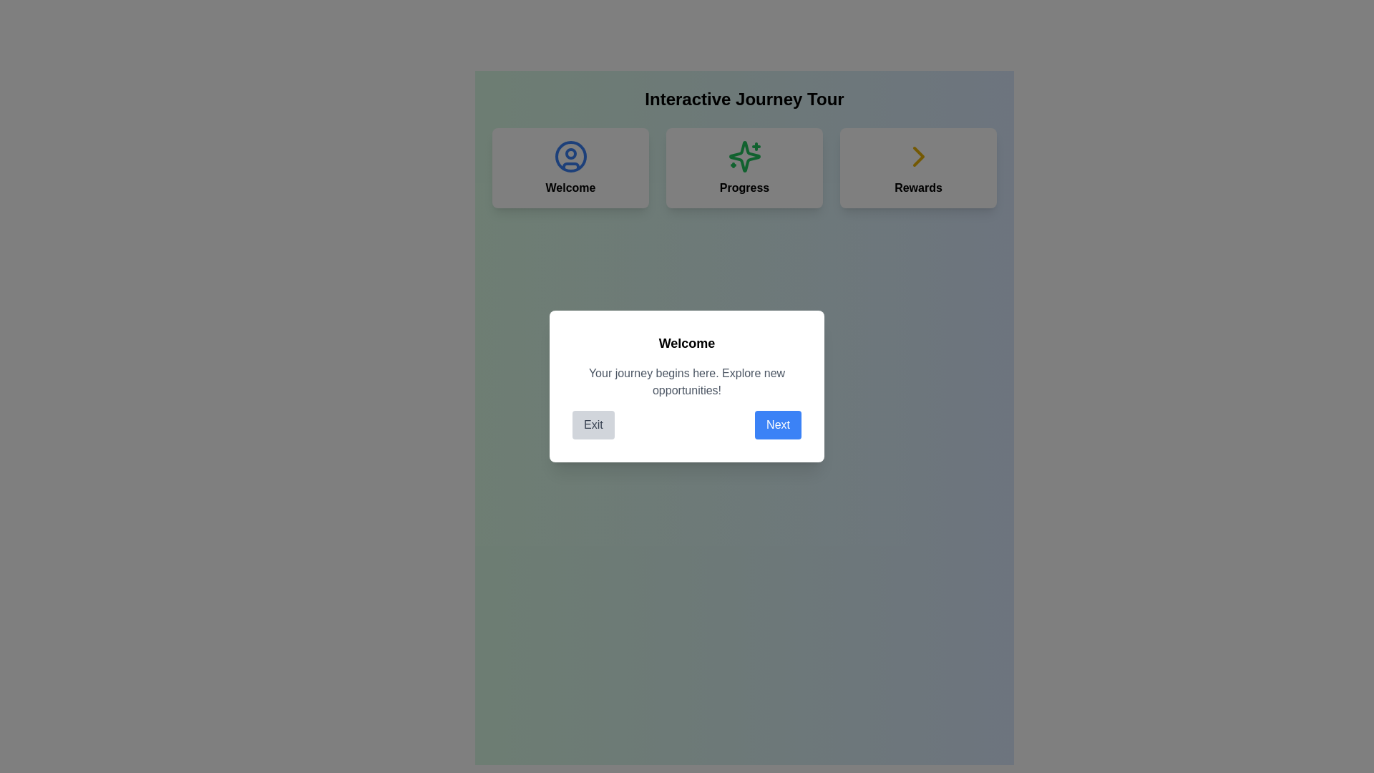  Describe the element at coordinates (570, 187) in the screenshot. I see `the descriptive Text label located under the user profile icon in the top-left corner of the card layout` at that location.